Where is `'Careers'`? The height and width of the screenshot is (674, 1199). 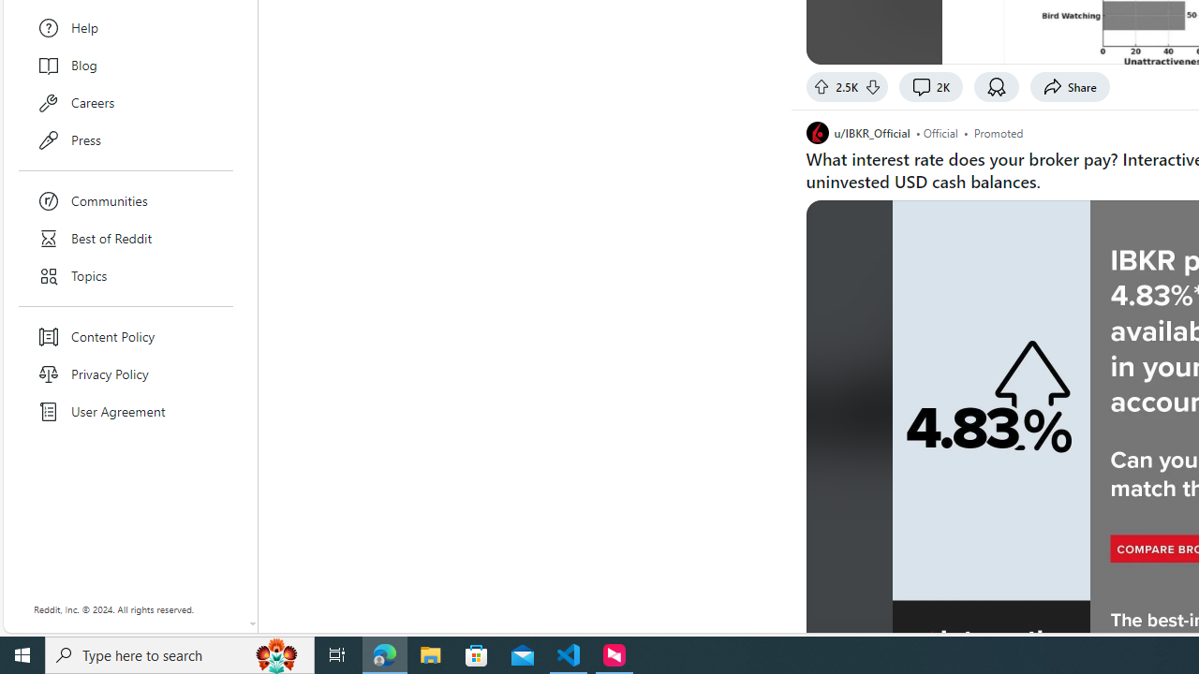 'Careers' is located at coordinates (126, 103).